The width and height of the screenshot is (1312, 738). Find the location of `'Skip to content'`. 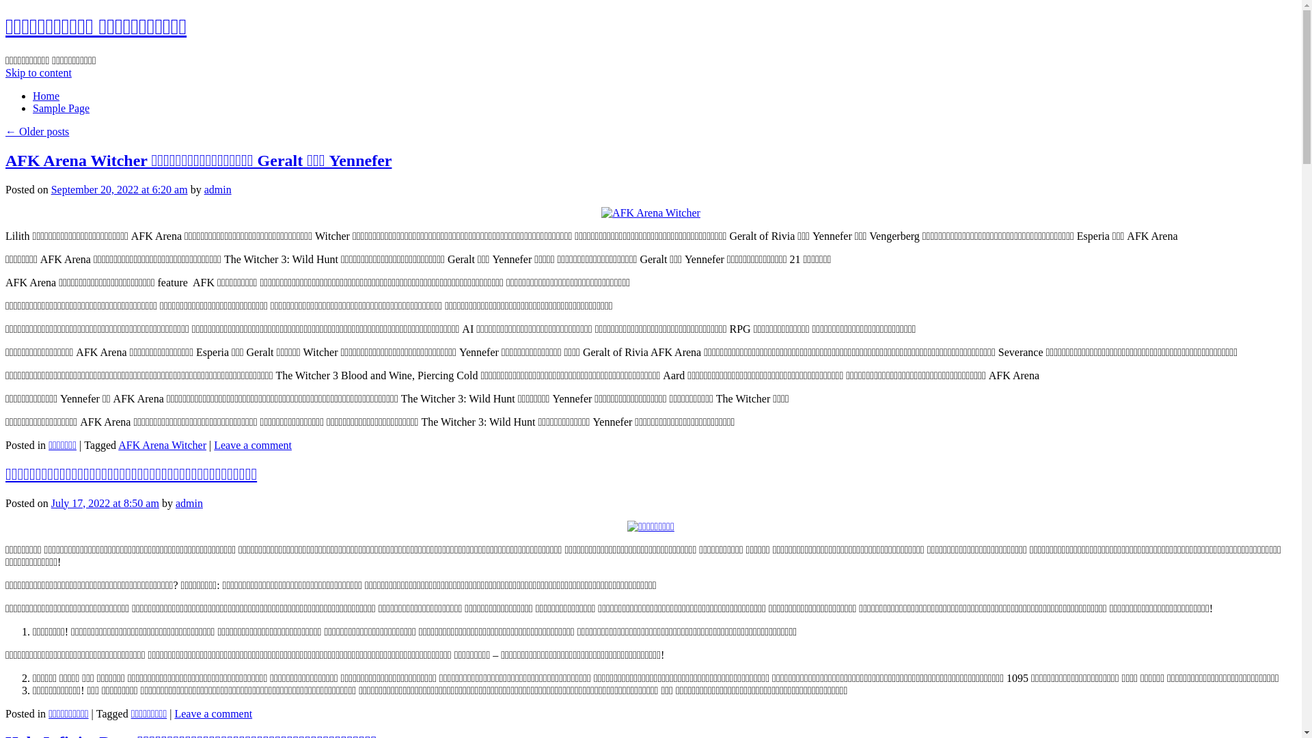

'Skip to content' is located at coordinates (5, 72).